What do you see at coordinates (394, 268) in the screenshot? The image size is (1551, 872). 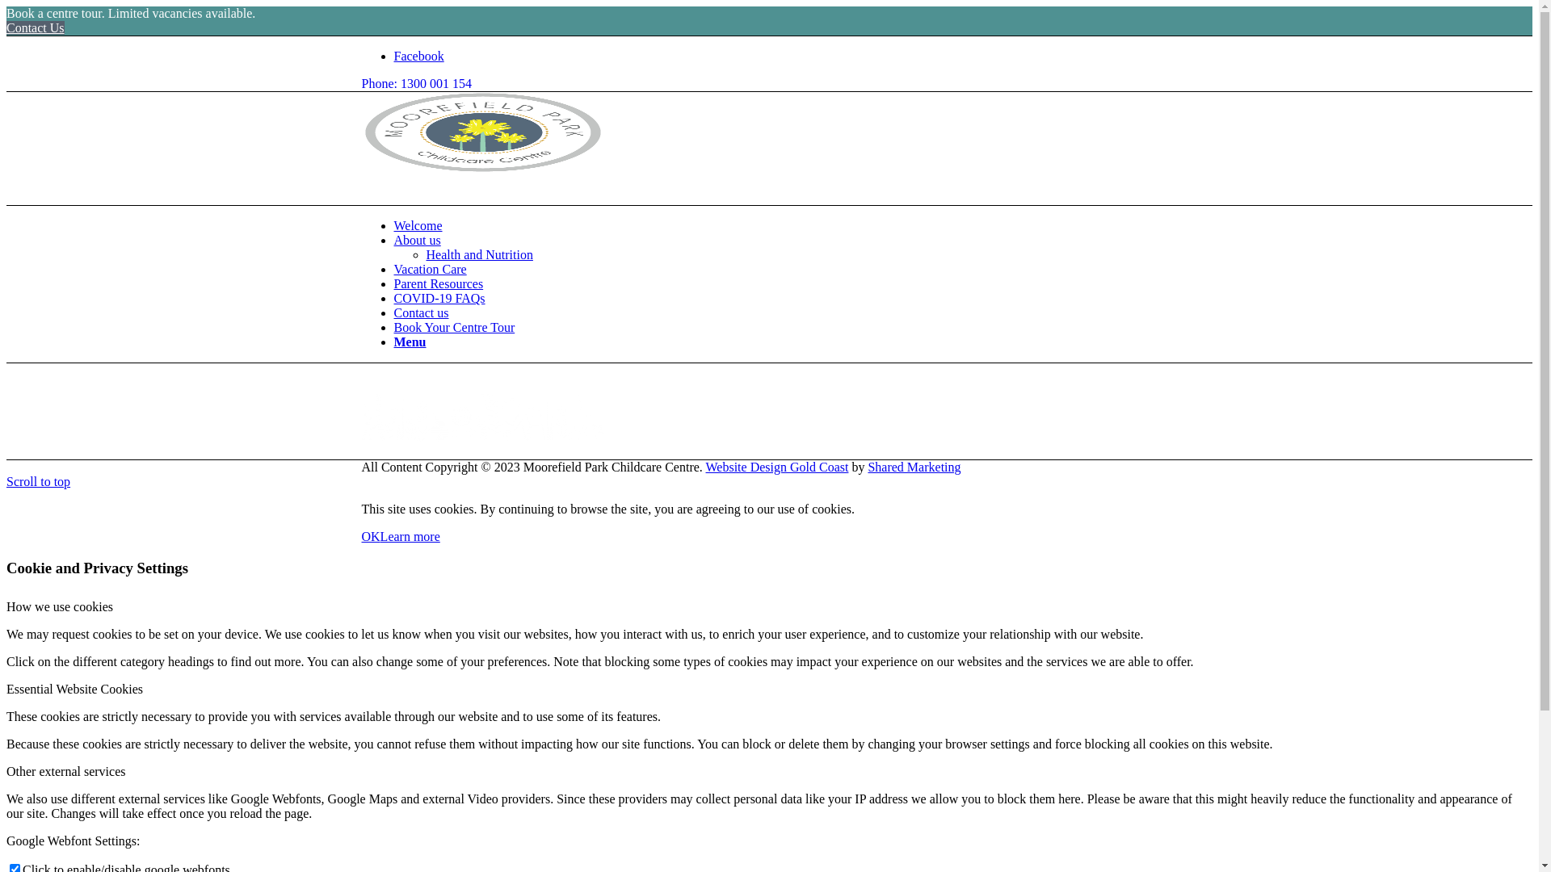 I see `'Vacation Care'` at bounding box center [394, 268].